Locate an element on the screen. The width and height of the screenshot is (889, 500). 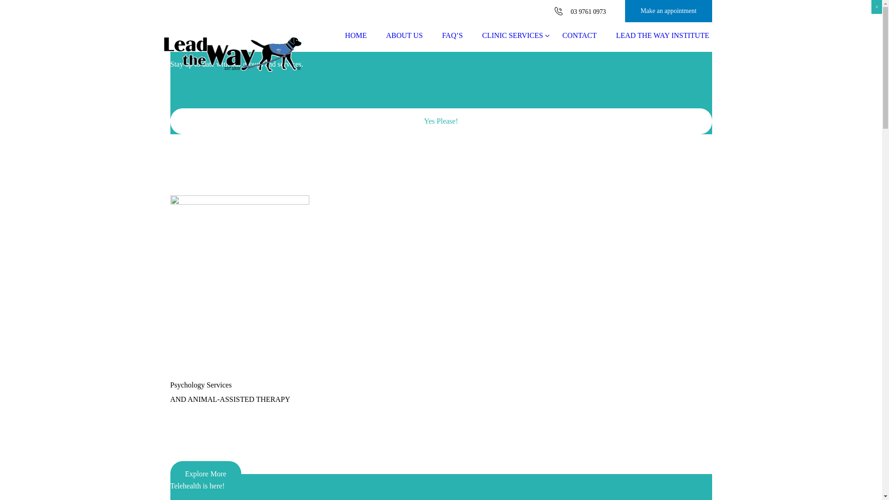
'CONTACT' is located at coordinates (579, 35).